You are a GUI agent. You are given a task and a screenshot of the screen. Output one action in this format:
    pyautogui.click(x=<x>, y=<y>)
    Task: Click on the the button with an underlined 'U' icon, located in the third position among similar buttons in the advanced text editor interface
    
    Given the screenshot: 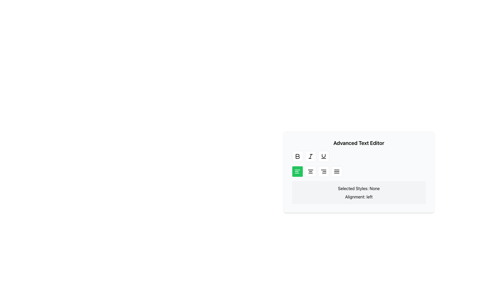 What is the action you would take?
    pyautogui.click(x=323, y=156)
    